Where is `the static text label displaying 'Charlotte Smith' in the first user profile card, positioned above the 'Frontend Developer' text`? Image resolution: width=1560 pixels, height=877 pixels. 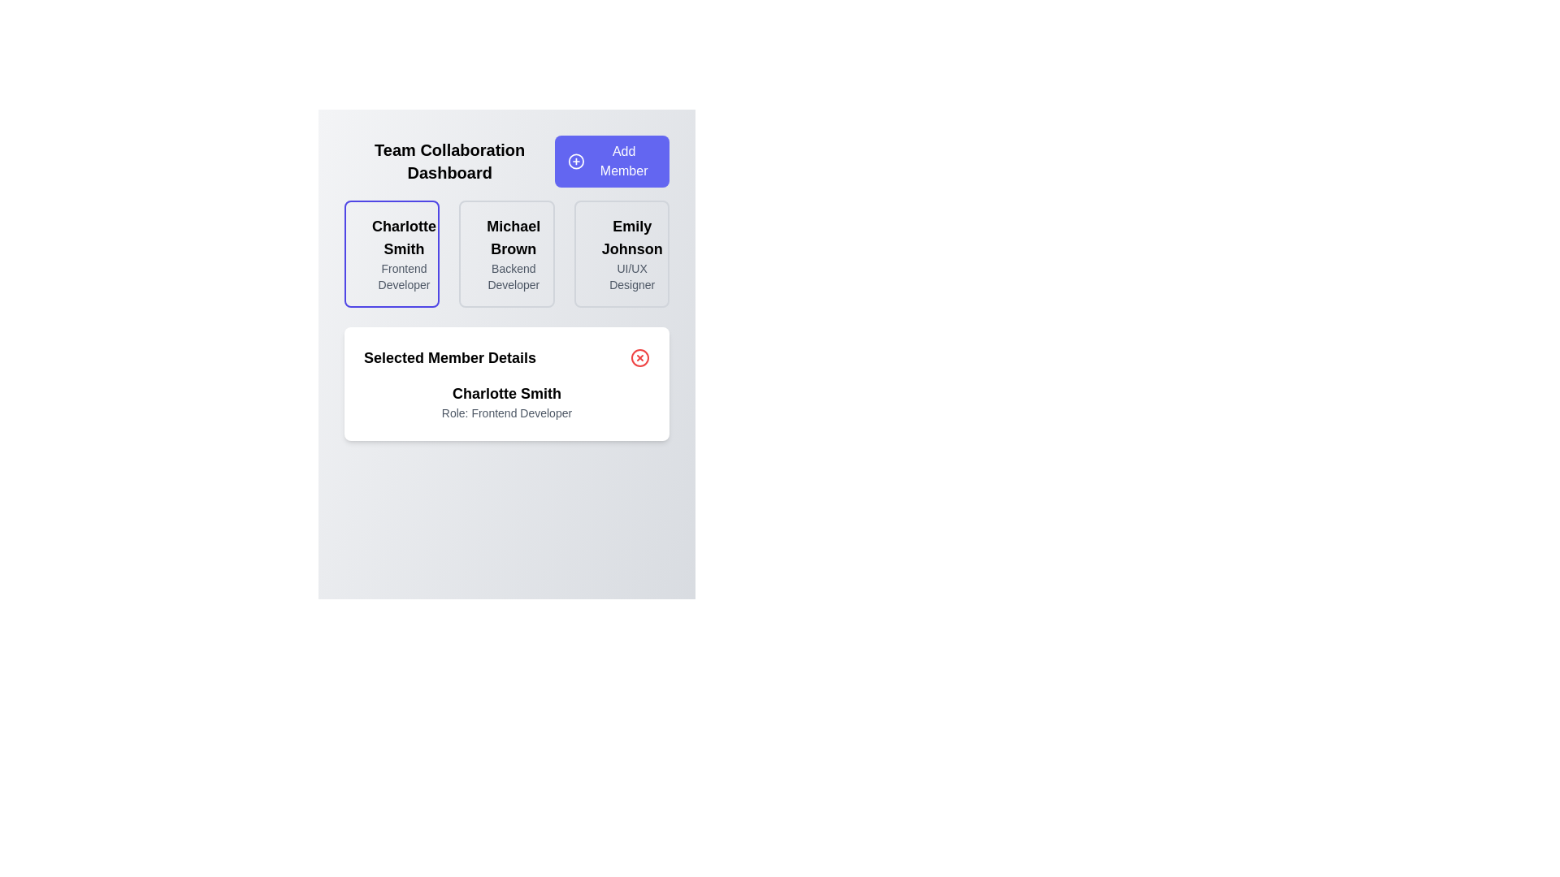 the static text label displaying 'Charlotte Smith' in the first user profile card, positioned above the 'Frontend Developer' text is located at coordinates (404, 238).